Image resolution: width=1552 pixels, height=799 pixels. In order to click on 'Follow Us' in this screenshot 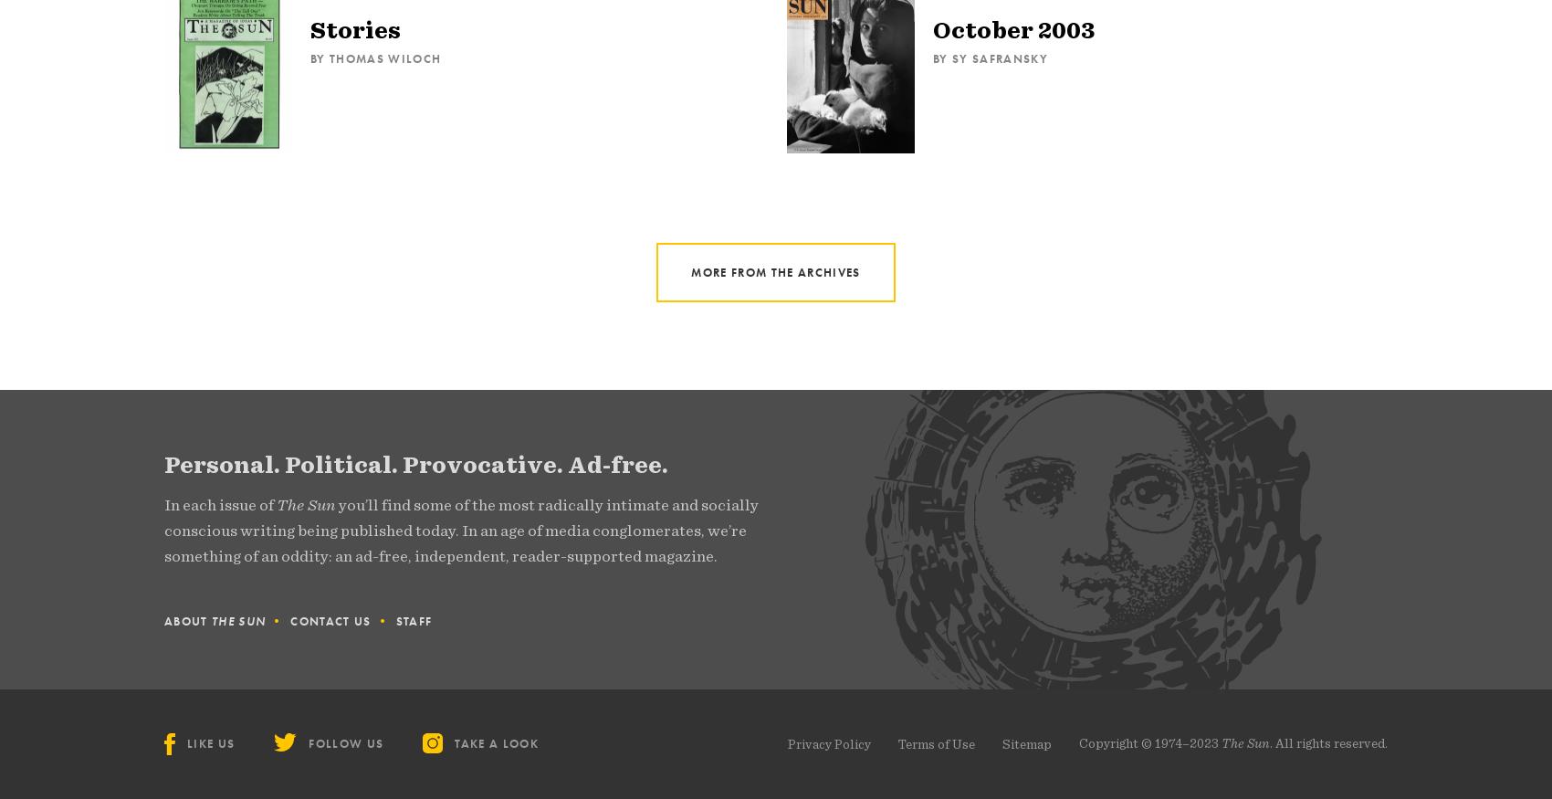, I will do `click(344, 743)`.